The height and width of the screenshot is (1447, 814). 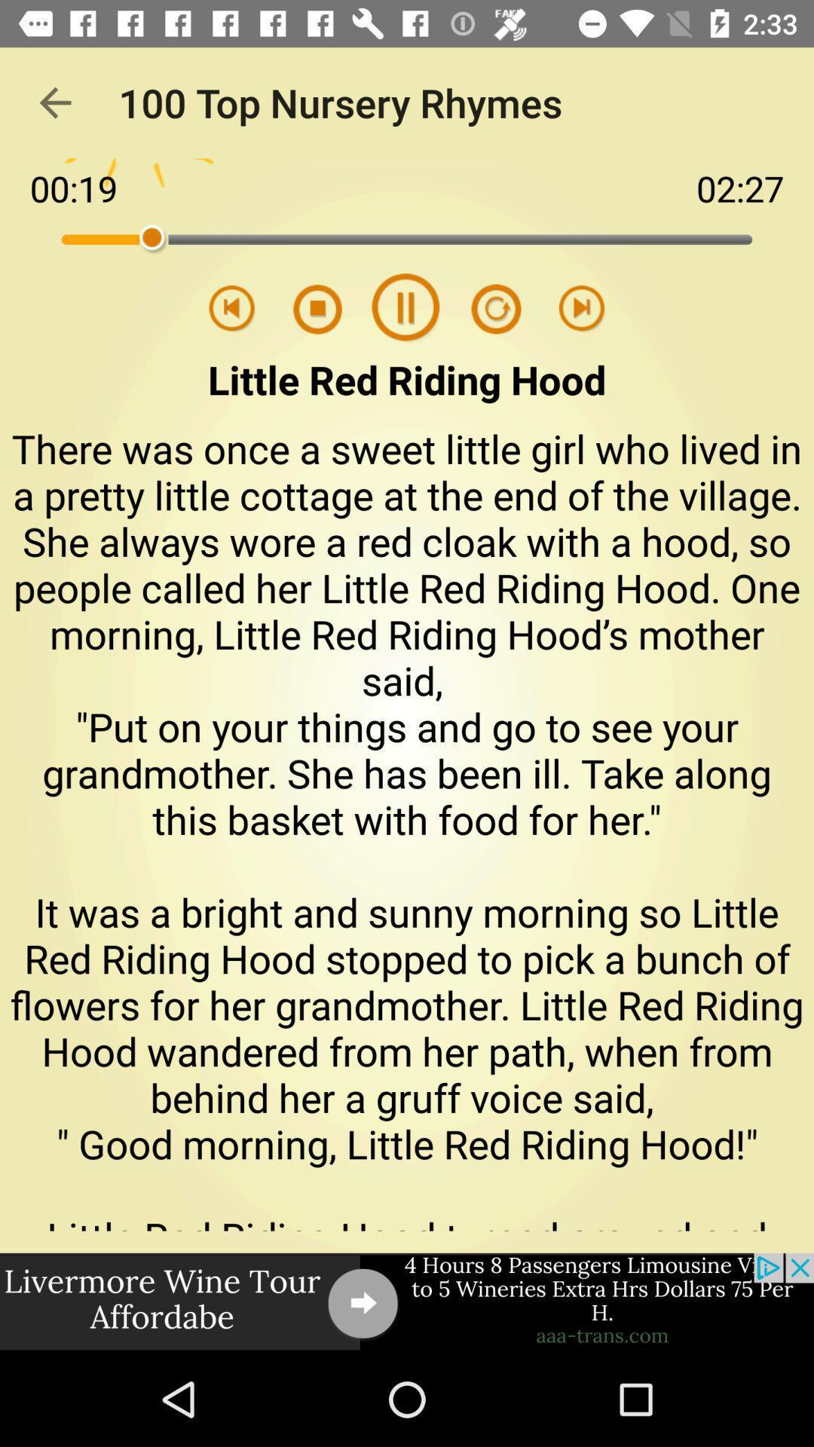 What do you see at coordinates (486, 308) in the screenshot?
I see `the refresh icon` at bounding box center [486, 308].